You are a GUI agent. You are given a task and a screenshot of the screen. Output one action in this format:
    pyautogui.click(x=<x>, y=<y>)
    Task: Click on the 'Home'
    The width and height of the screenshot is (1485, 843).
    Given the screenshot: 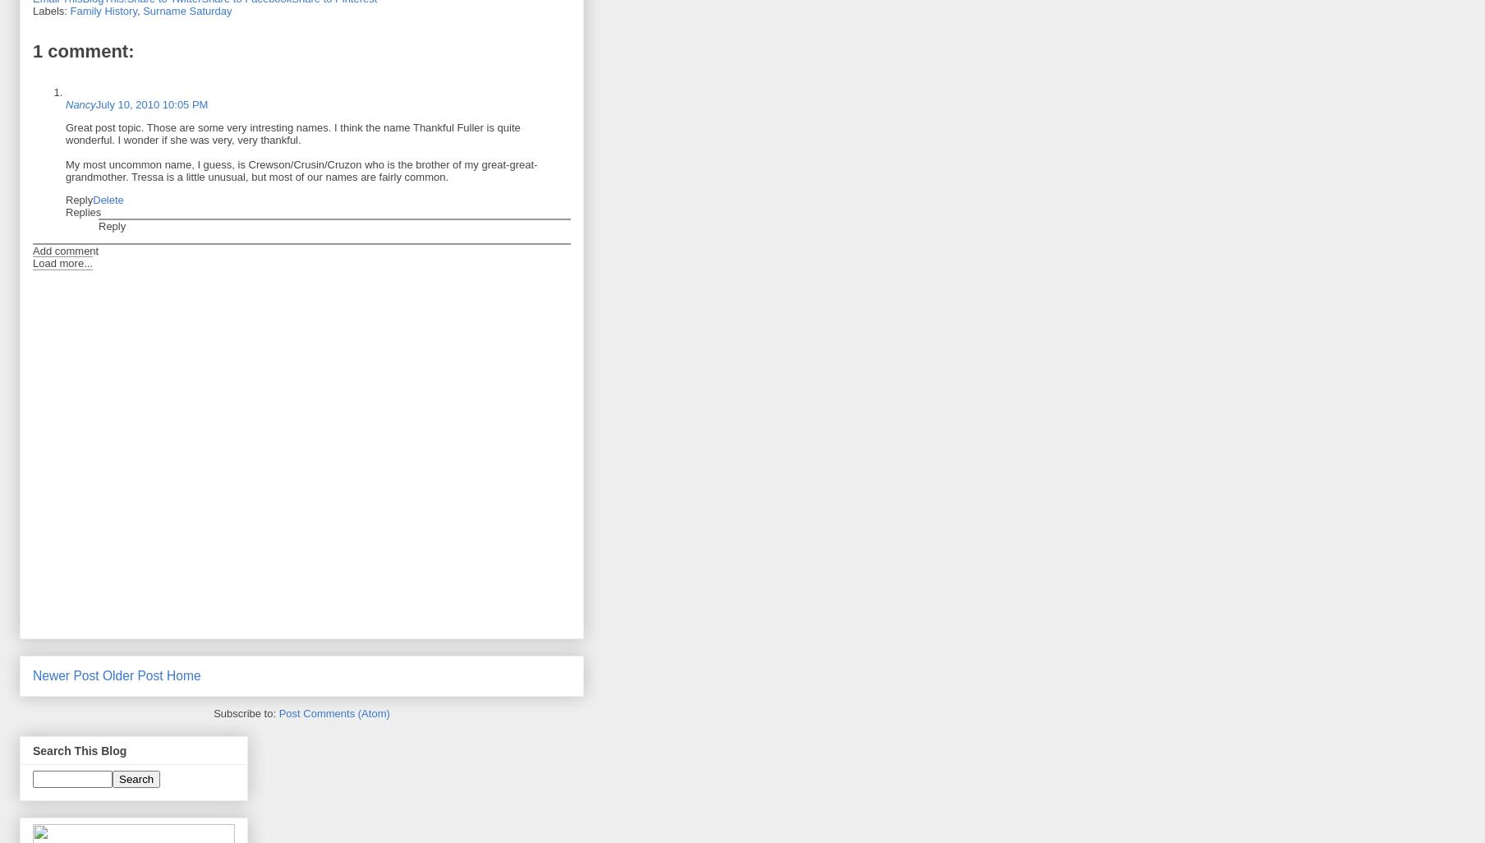 What is the action you would take?
    pyautogui.click(x=182, y=675)
    